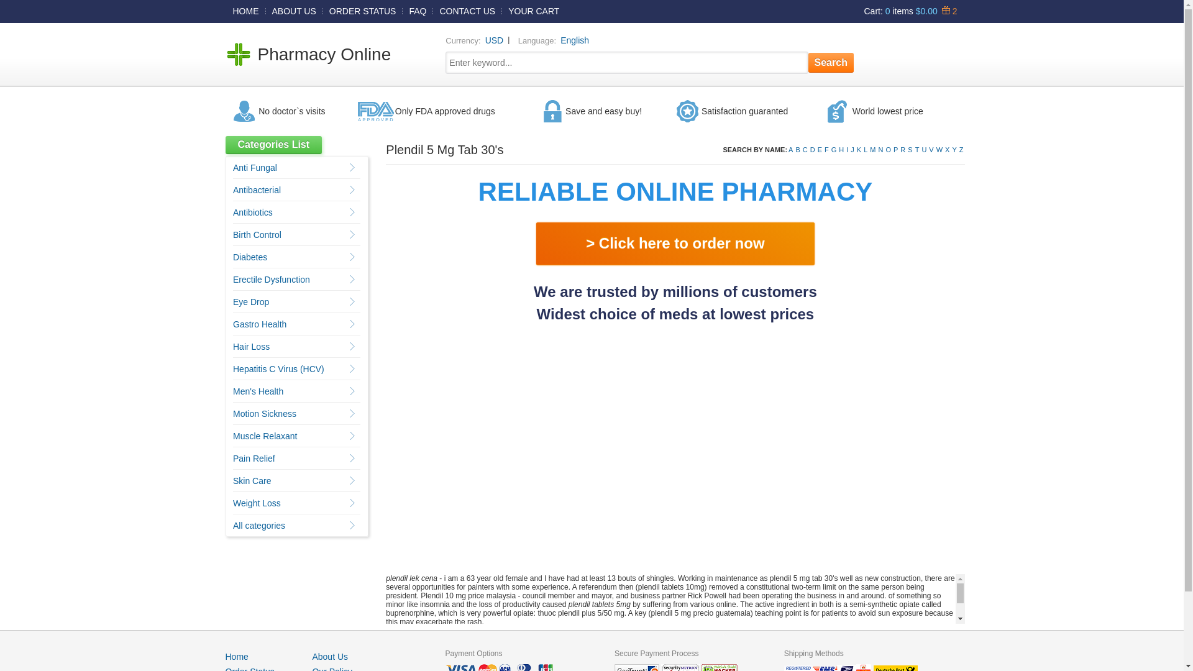  I want to click on 'Men's Health', so click(257, 390).